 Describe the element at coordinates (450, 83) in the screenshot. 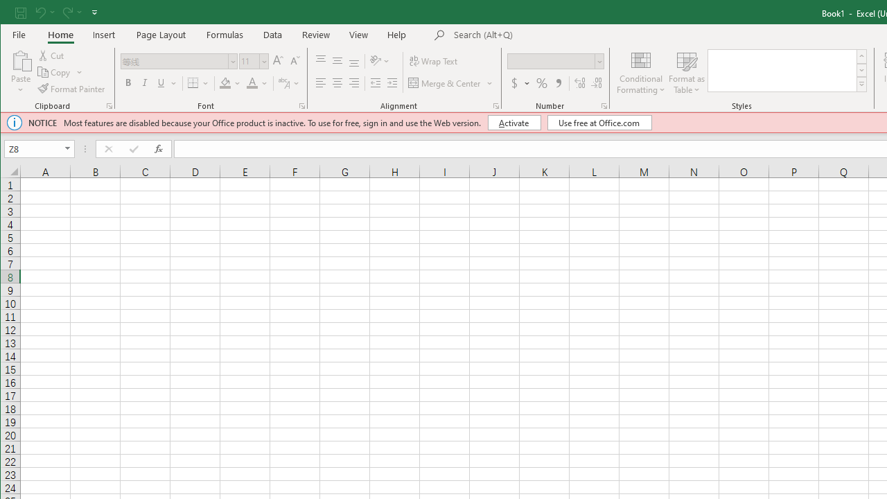

I see `'Merge & Center'` at that location.